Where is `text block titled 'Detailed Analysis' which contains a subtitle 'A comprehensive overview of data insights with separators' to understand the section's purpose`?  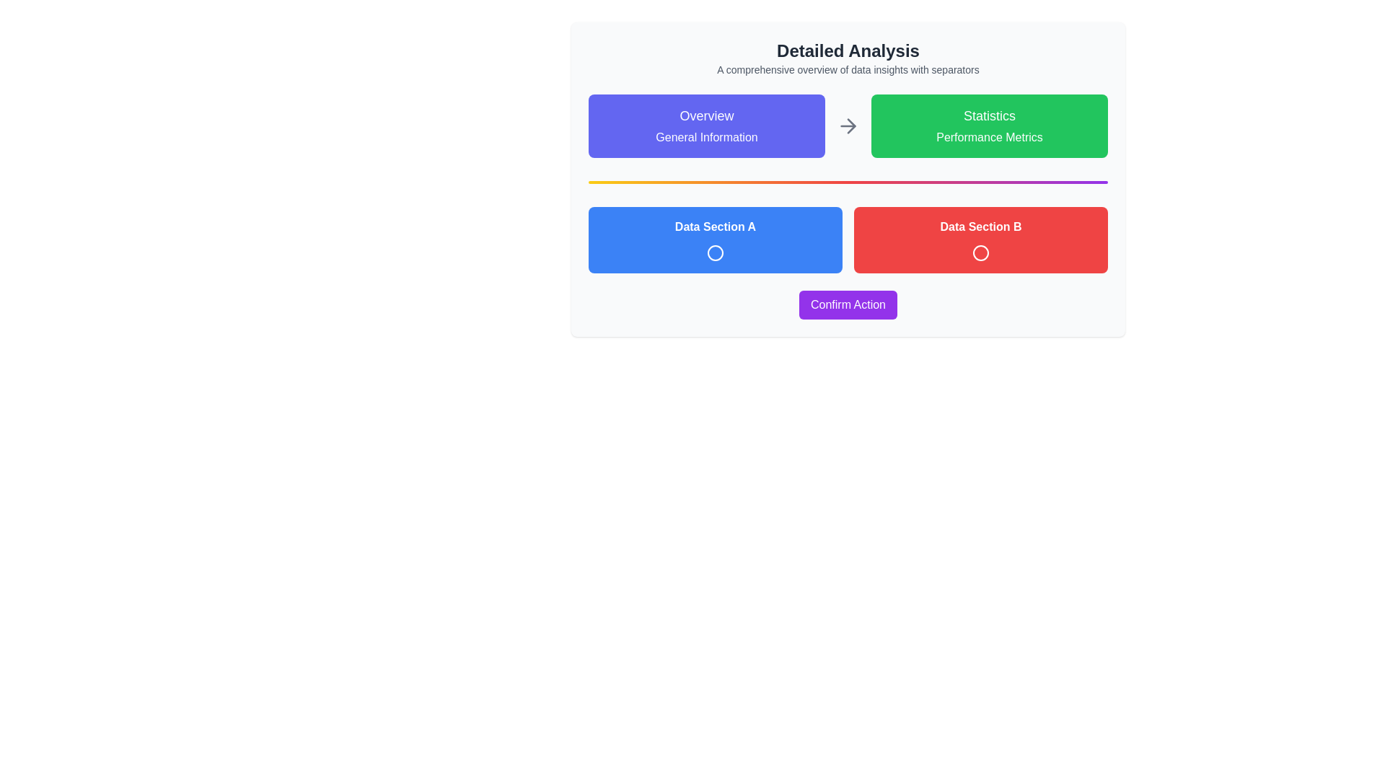
text block titled 'Detailed Analysis' which contains a subtitle 'A comprehensive overview of data insights with separators' to understand the section's purpose is located at coordinates (848, 58).